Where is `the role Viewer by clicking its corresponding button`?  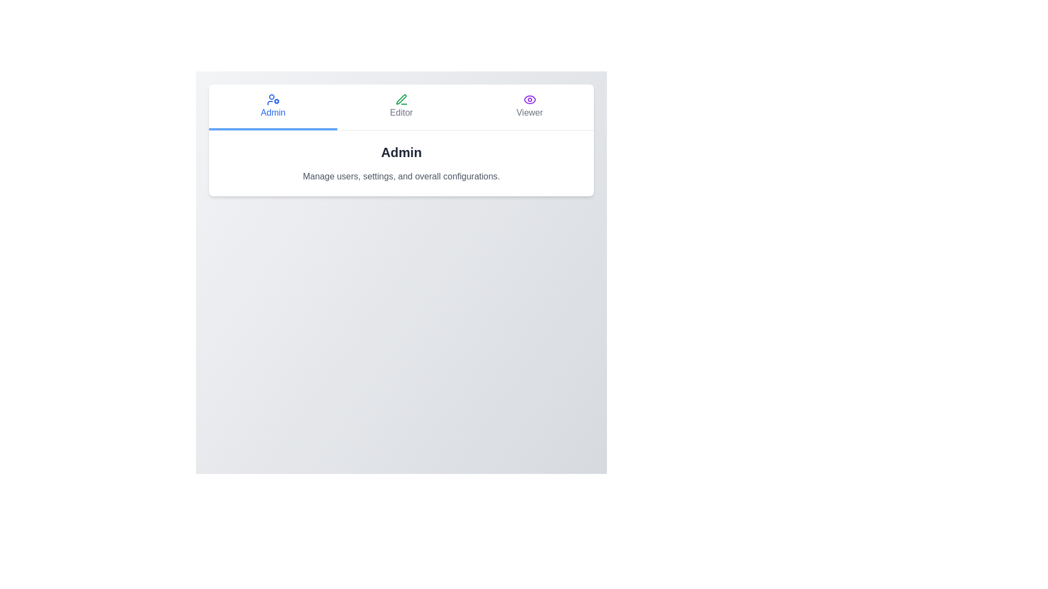
the role Viewer by clicking its corresponding button is located at coordinates (529, 107).